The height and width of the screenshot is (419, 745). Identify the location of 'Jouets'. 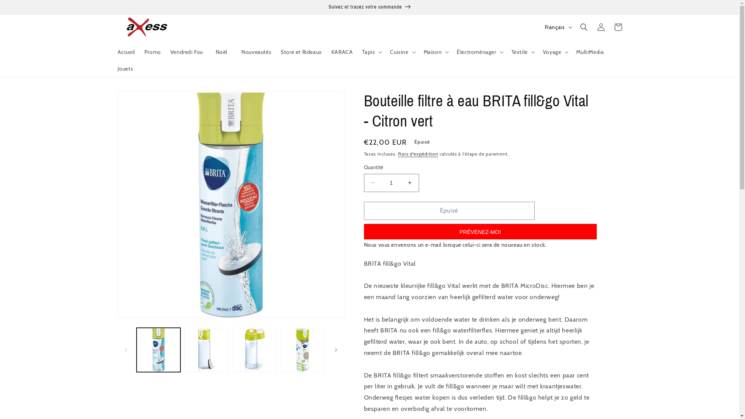
(125, 68).